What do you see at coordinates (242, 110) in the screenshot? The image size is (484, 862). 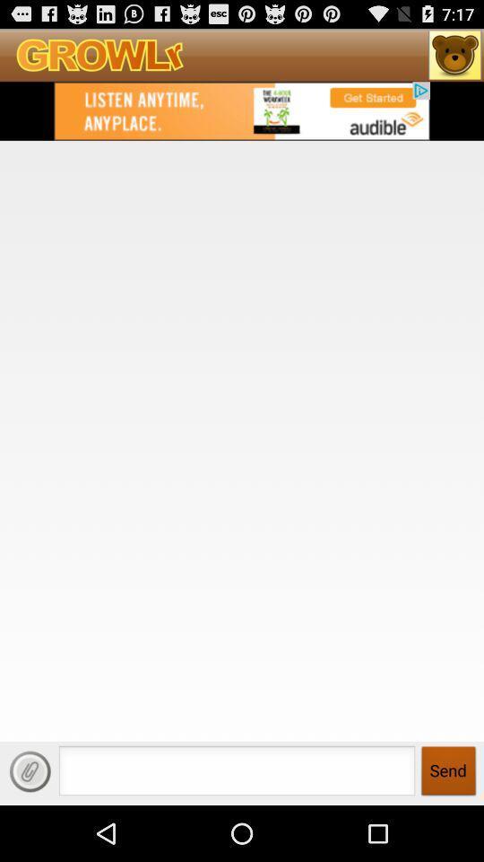 I see `gay community` at bounding box center [242, 110].